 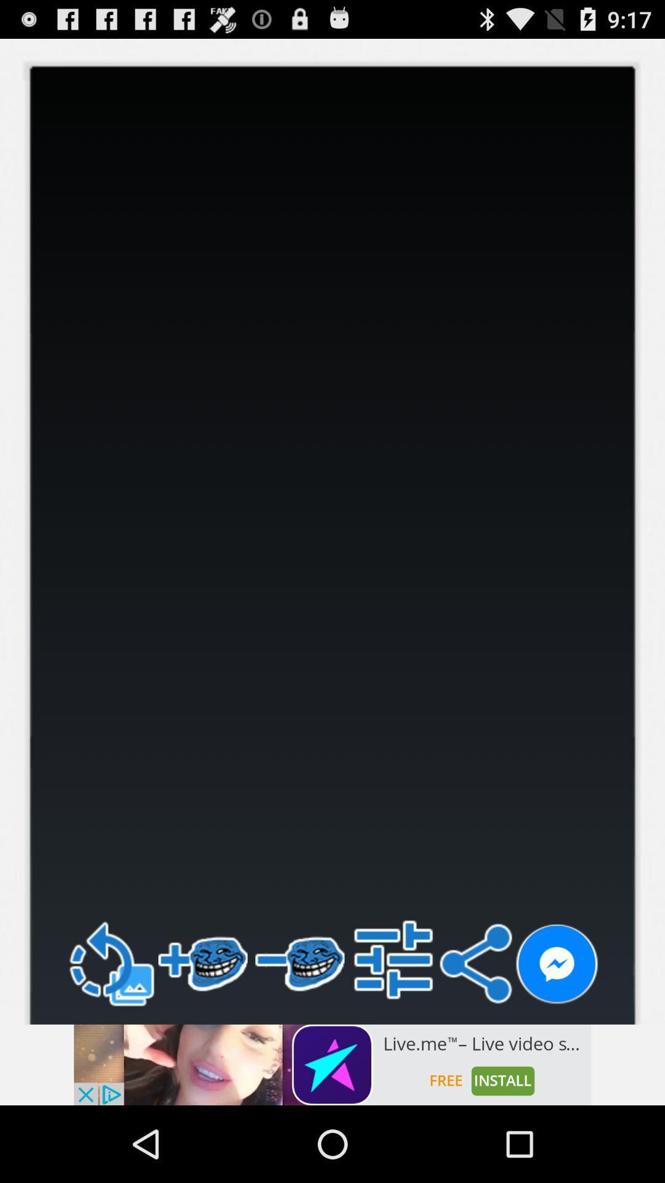 What do you see at coordinates (557, 964) in the screenshot?
I see `share the image` at bounding box center [557, 964].